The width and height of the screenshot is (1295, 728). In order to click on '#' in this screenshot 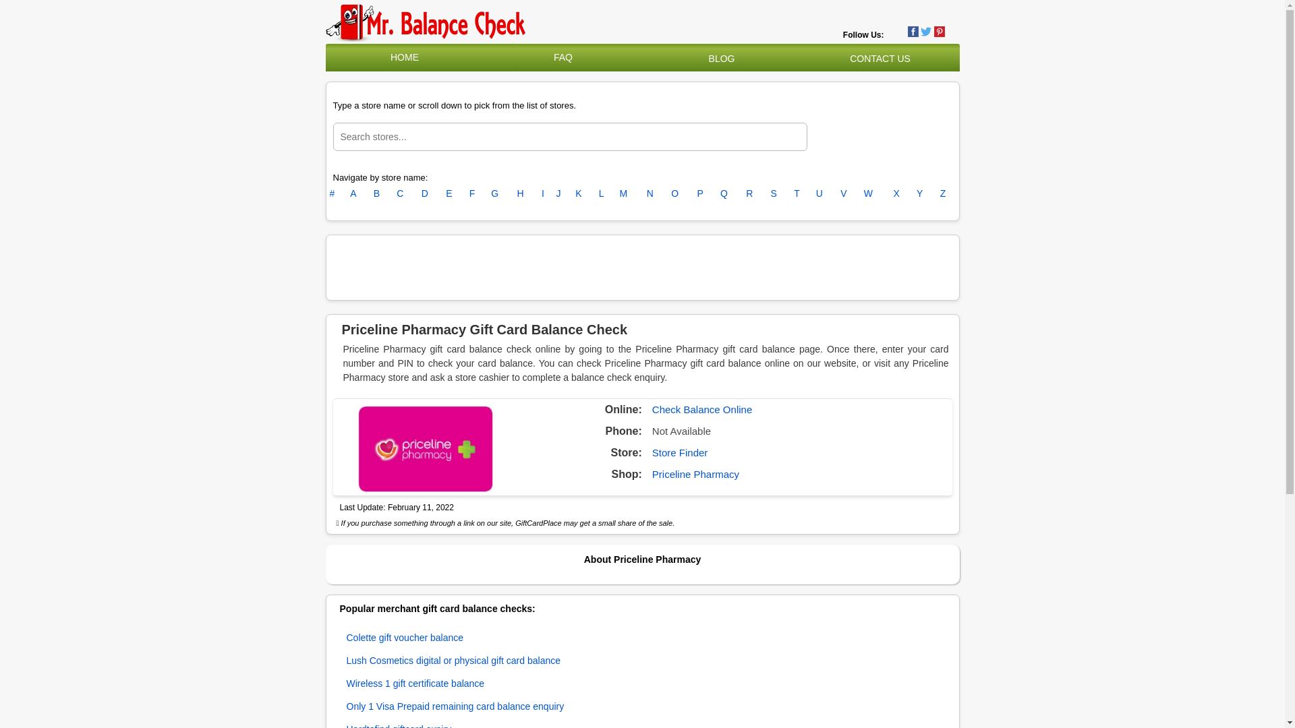, I will do `click(331, 193)`.